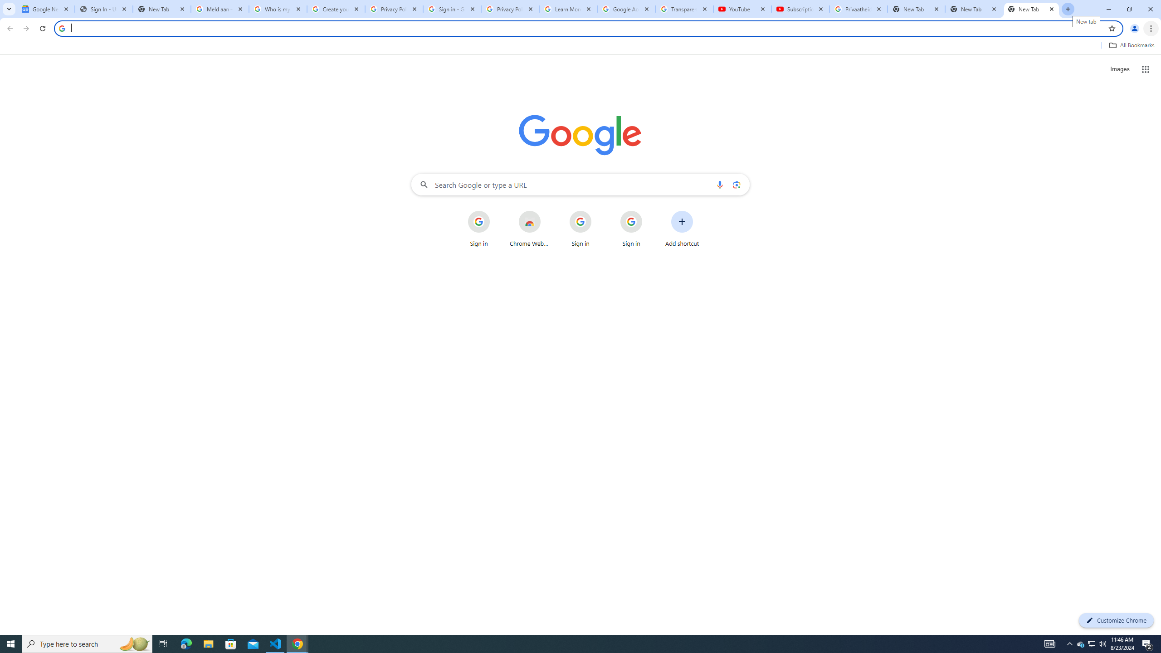 The width and height of the screenshot is (1161, 653). Describe the element at coordinates (626, 9) in the screenshot. I see `'Google Account'` at that location.